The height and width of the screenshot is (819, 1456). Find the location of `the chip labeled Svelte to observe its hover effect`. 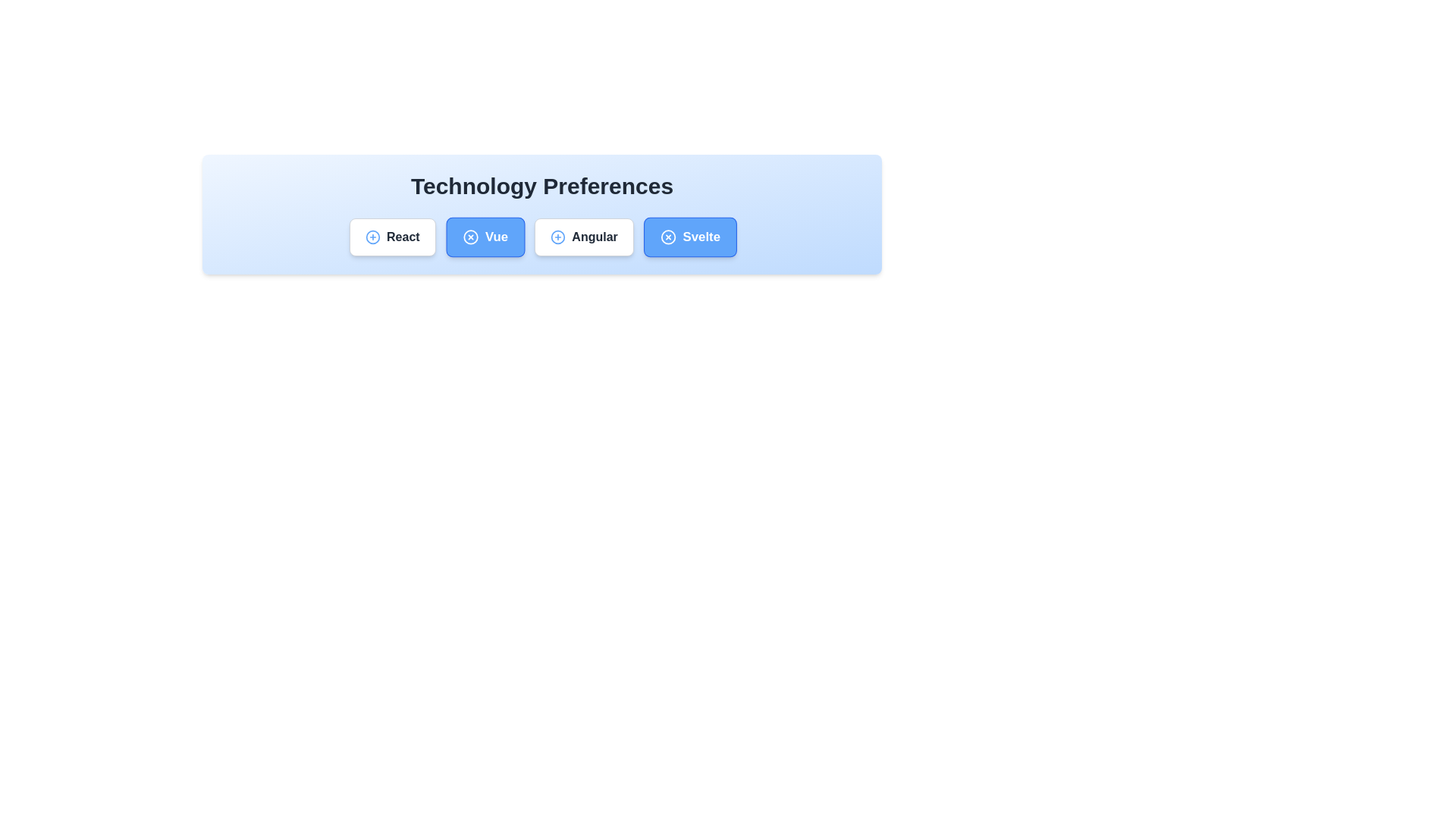

the chip labeled Svelte to observe its hover effect is located at coordinates (689, 237).